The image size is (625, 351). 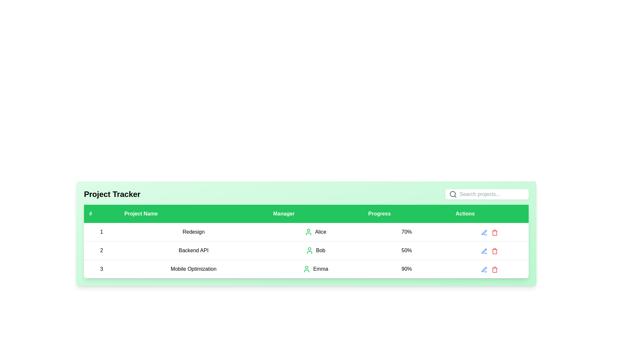 I want to click on the user avatar/icon representing the manager of the project located in the second row under the 'Manager' column, which is directly to the left of the name 'Bob', so click(x=309, y=250).